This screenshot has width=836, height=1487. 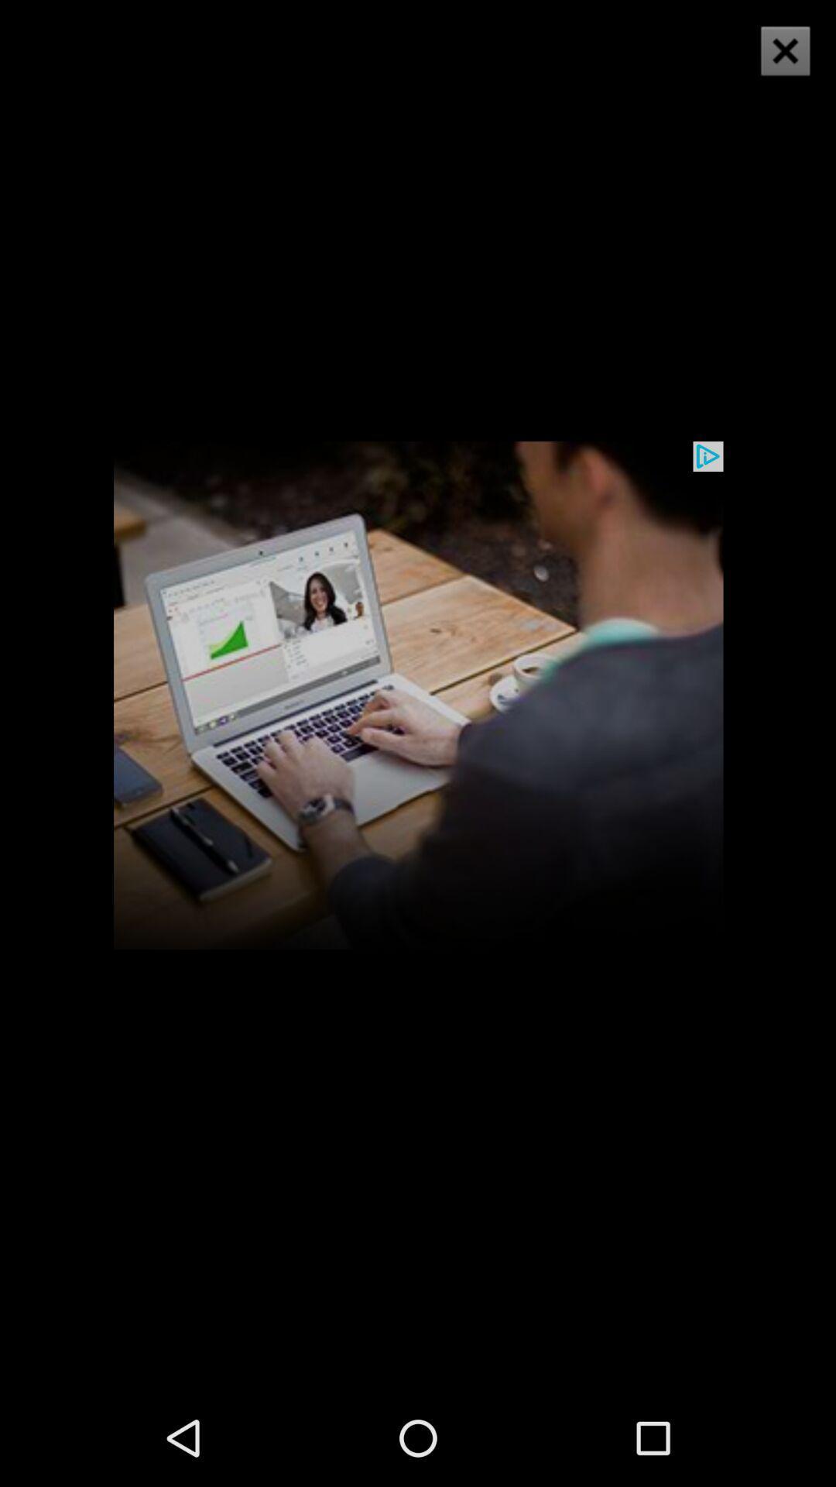 What do you see at coordinates (775, 60) in the screenshot?
I see `the close icon` at bounding box center [775, 60].